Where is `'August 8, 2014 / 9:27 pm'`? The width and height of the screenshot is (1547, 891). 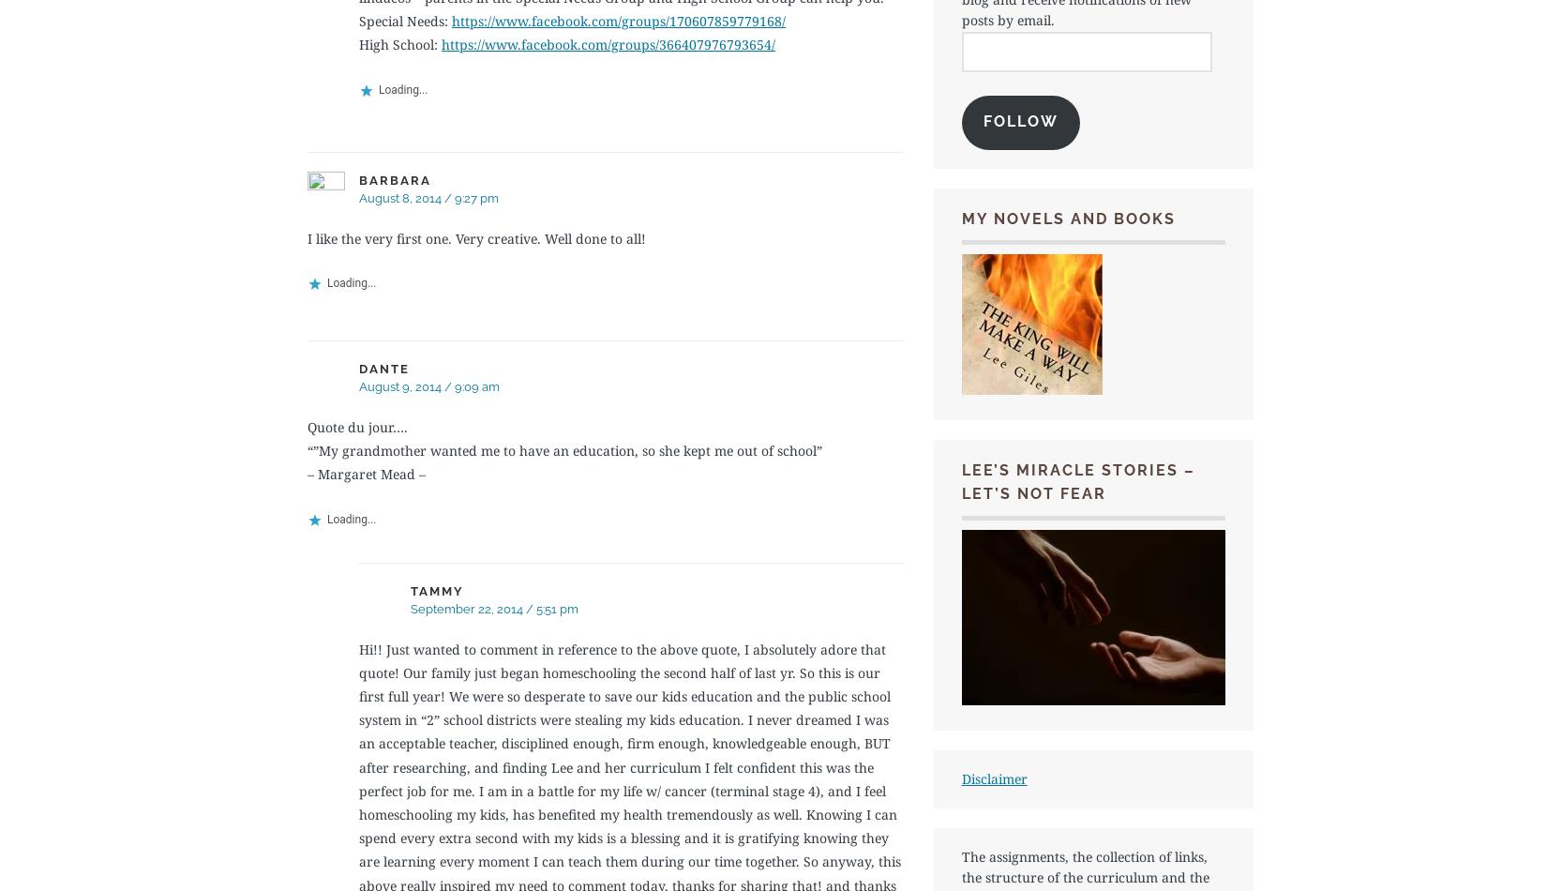 'August 8, 2014 / 9:27 pm' is located at coordinates (428, 198).